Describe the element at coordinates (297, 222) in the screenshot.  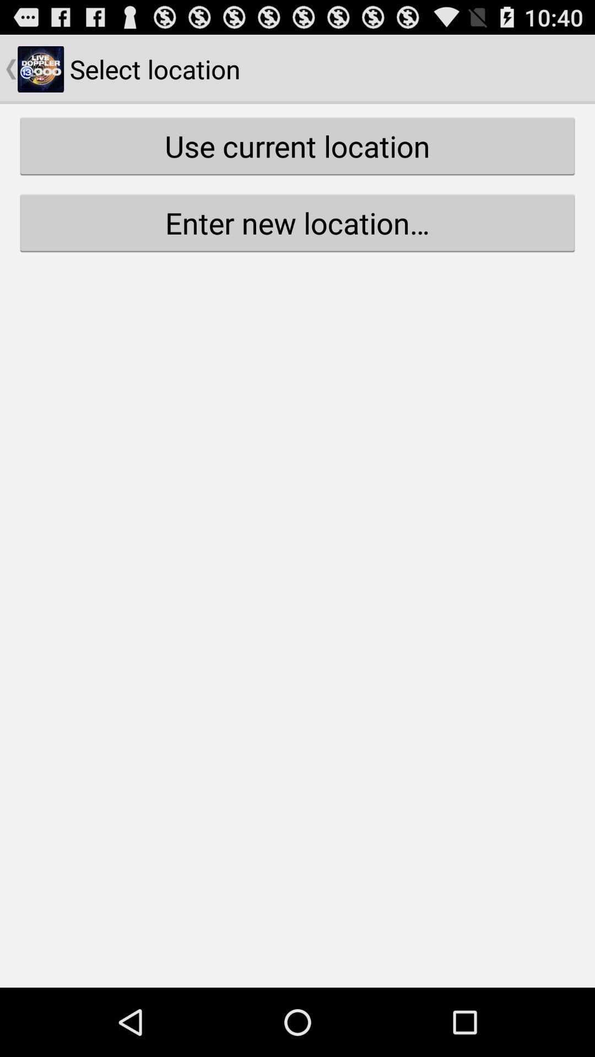
I see `the button below use current location icon` at that location.